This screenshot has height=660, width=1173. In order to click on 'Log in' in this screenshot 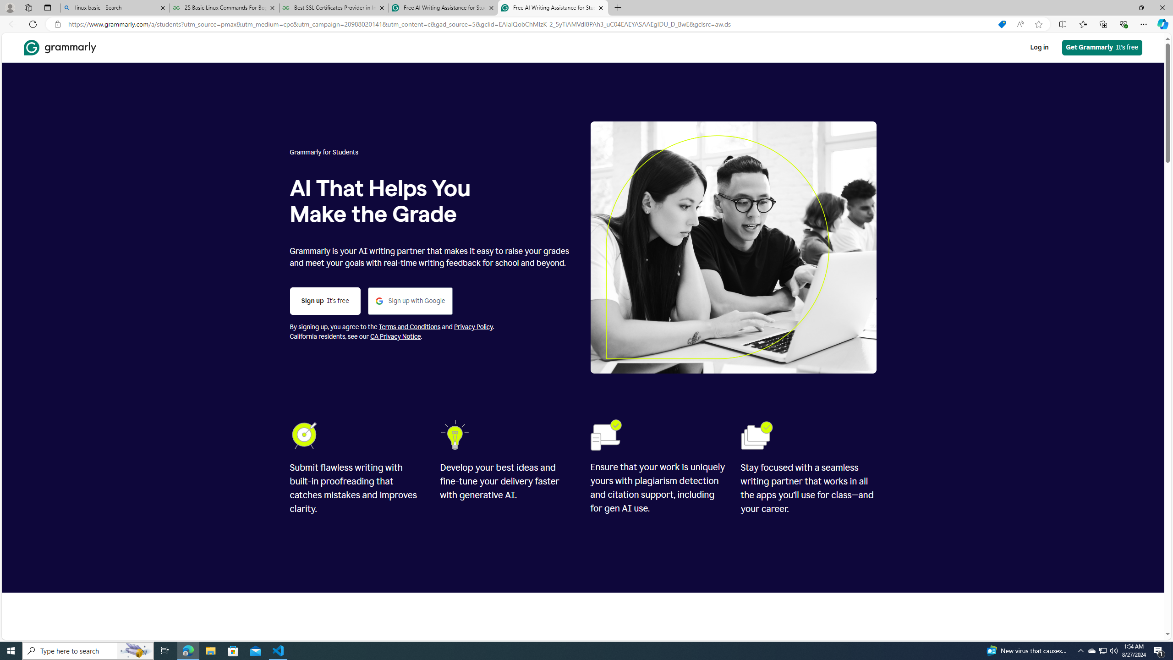, I will do `click(1039, 47)`.